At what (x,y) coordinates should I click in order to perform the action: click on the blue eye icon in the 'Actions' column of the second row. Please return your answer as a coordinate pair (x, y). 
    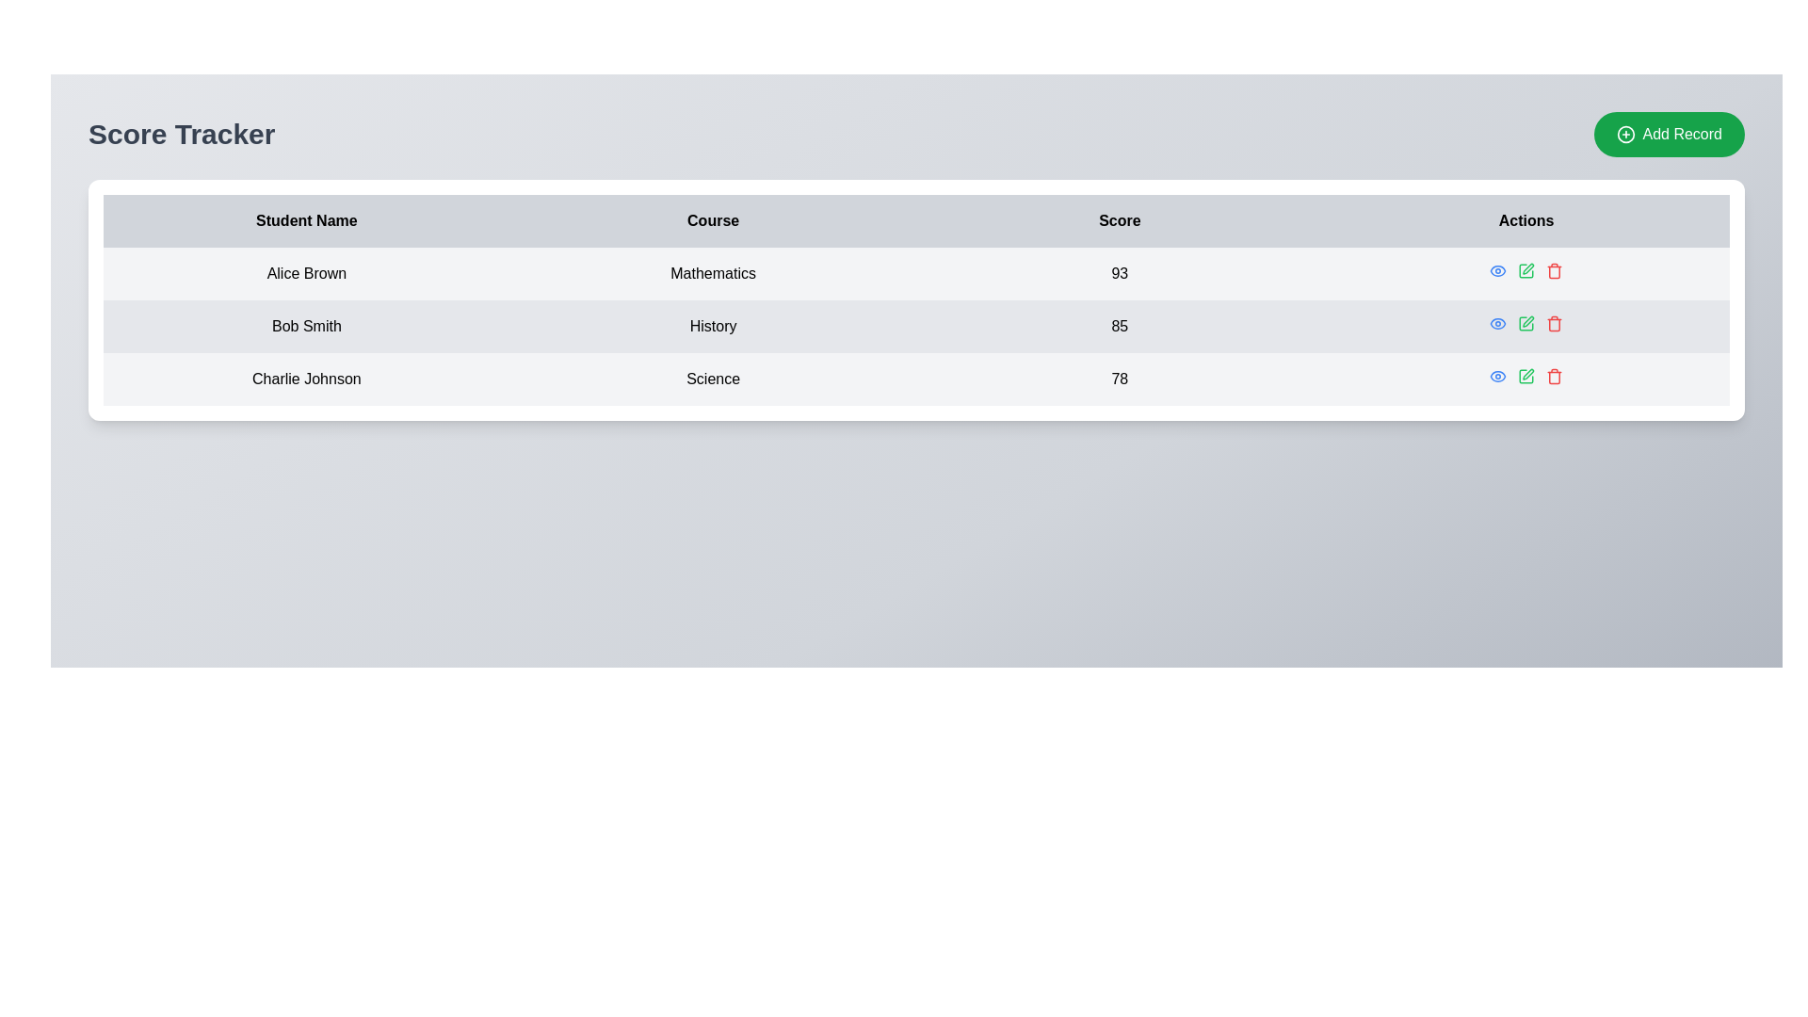
    Looking at the image, I should click on (1496, 271).